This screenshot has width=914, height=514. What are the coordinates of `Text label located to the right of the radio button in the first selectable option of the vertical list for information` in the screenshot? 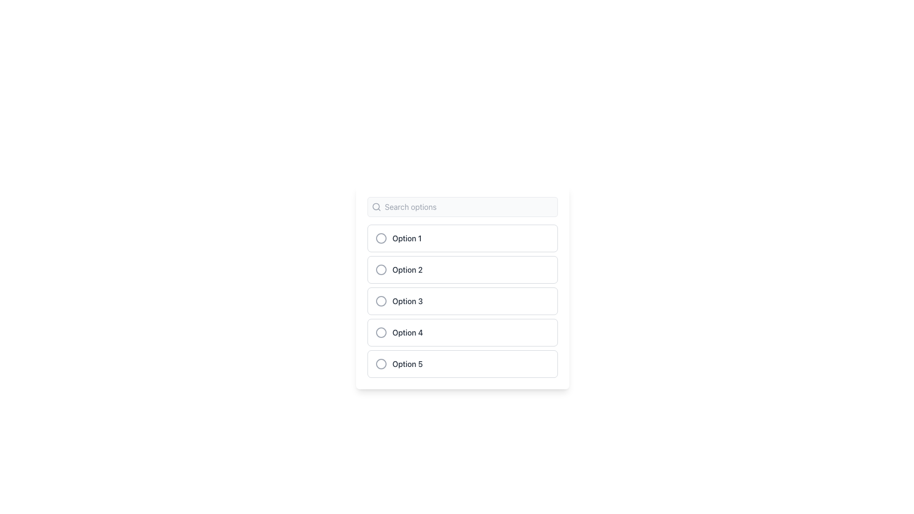 It's located at (407, 238).